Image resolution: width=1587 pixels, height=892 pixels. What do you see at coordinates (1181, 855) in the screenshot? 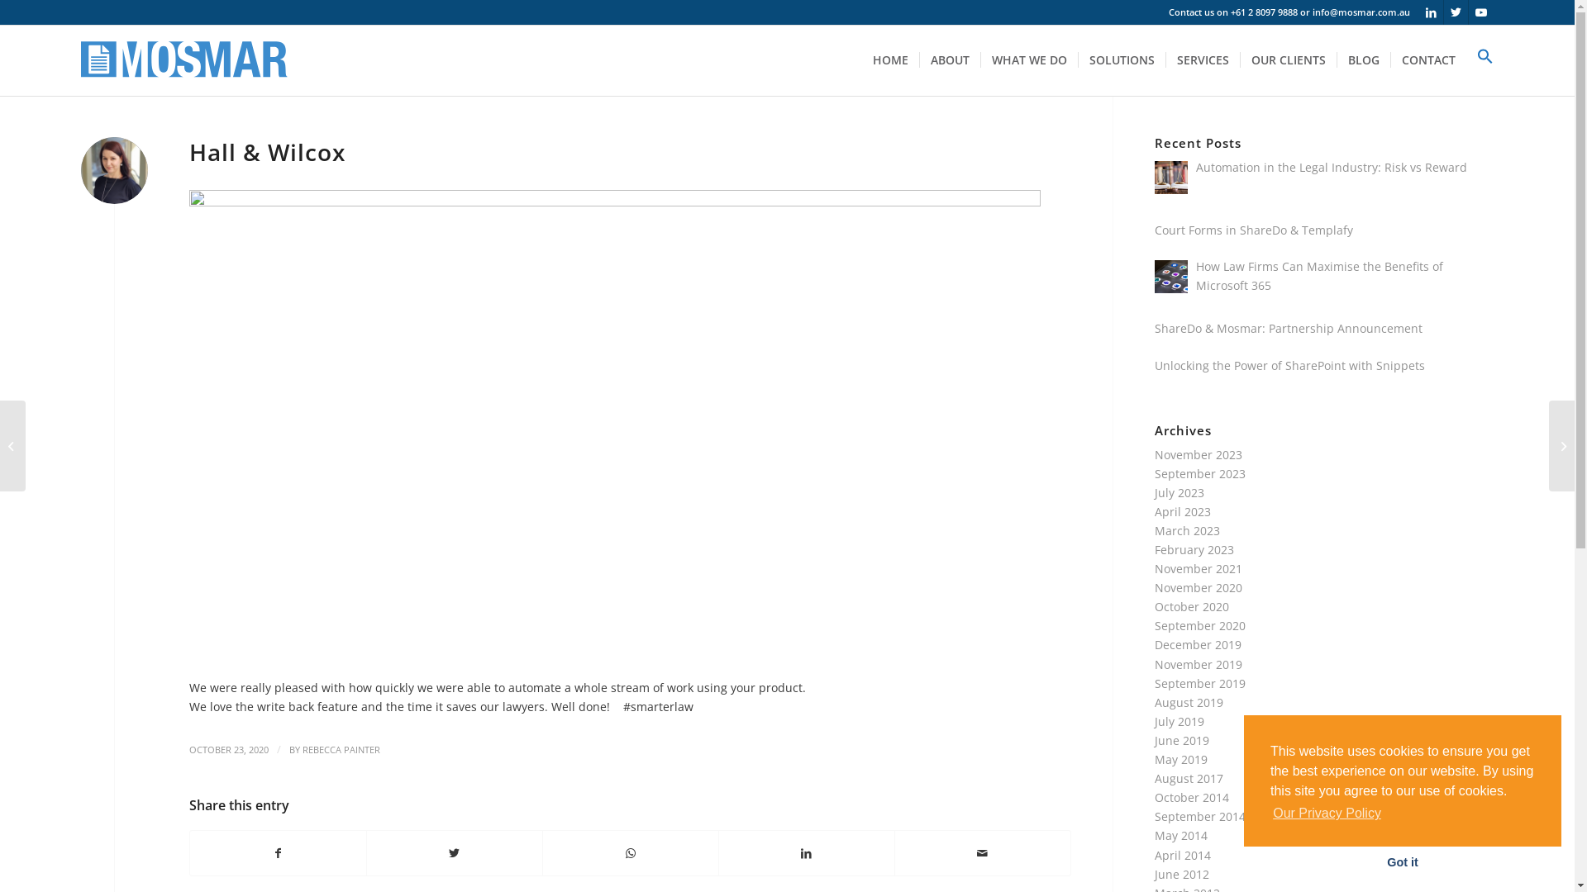
I see `'April 2014'` at bounding box center [1181, 855].